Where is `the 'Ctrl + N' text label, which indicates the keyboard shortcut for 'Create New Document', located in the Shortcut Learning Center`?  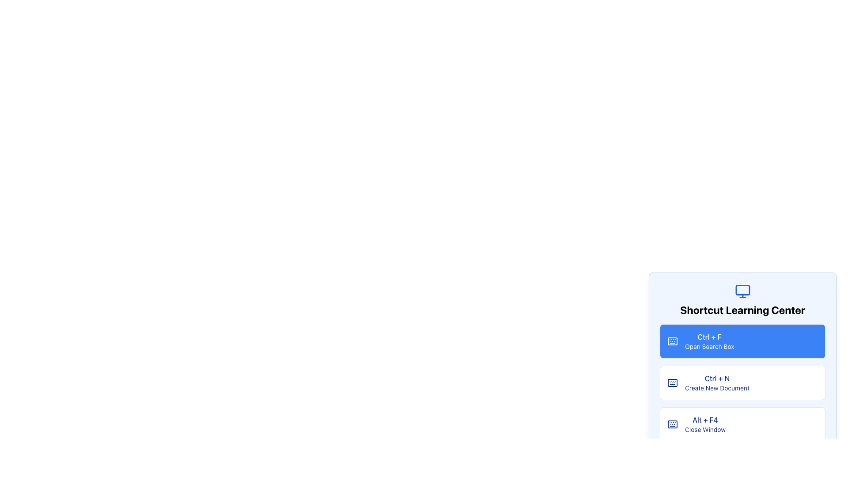 the 'Ctrl + N' text label, which indicates the keyboard shortcut for 'Create New Document', located in the Shortcut Learning Center is located at coordinates (717, 378).